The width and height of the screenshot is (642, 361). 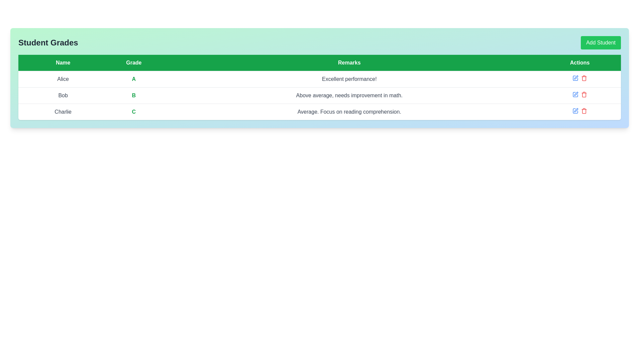 What do you see at coordinates (575, 94) in the screenshot?
I see `the edit icon button located in the Actions column of the table for the student 'Bob' to possibly reveal a tooltip` at bounding box center [575, 94].